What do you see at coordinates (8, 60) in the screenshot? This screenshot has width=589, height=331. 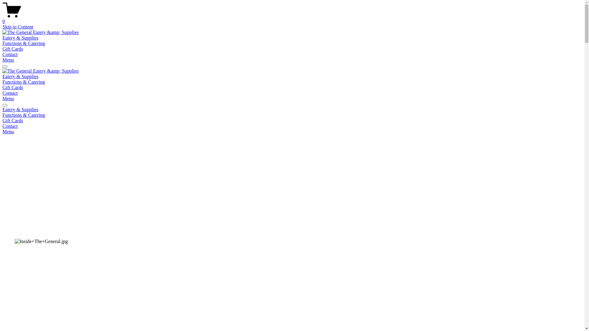 I see `'Menu'` at bounding box center [8, 60].